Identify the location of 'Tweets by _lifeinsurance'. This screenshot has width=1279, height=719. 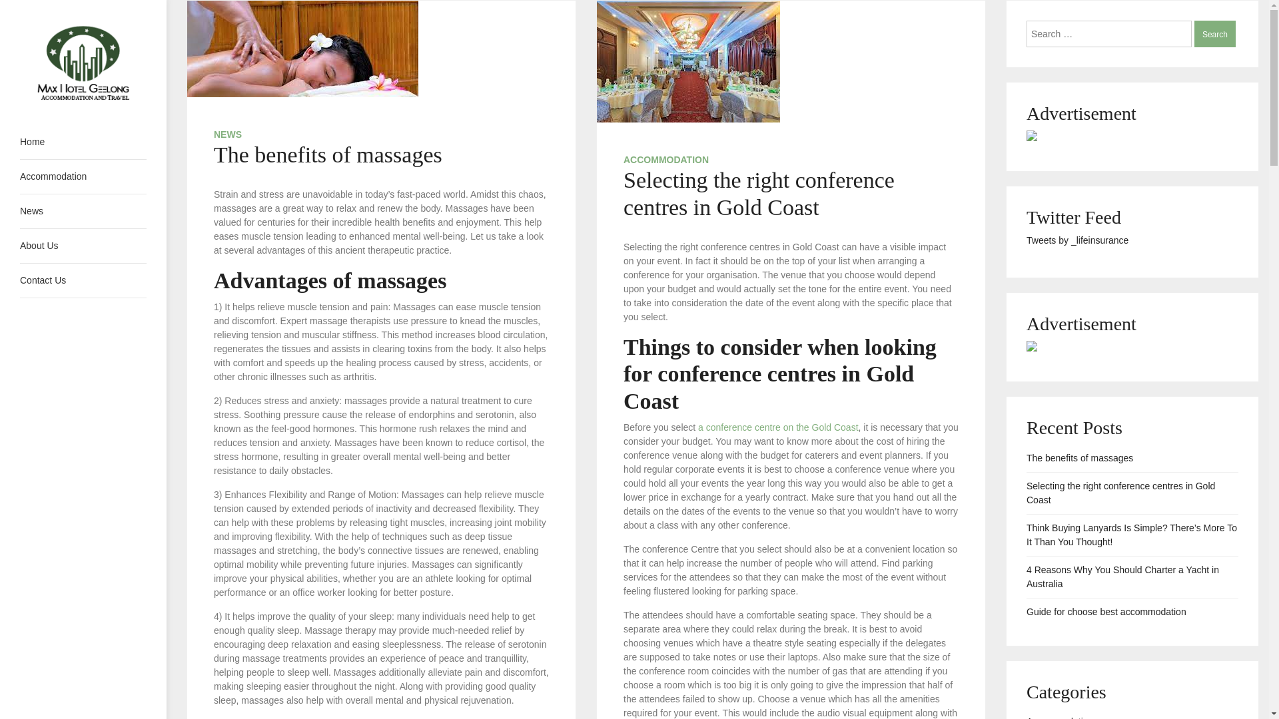
(1077, 240).